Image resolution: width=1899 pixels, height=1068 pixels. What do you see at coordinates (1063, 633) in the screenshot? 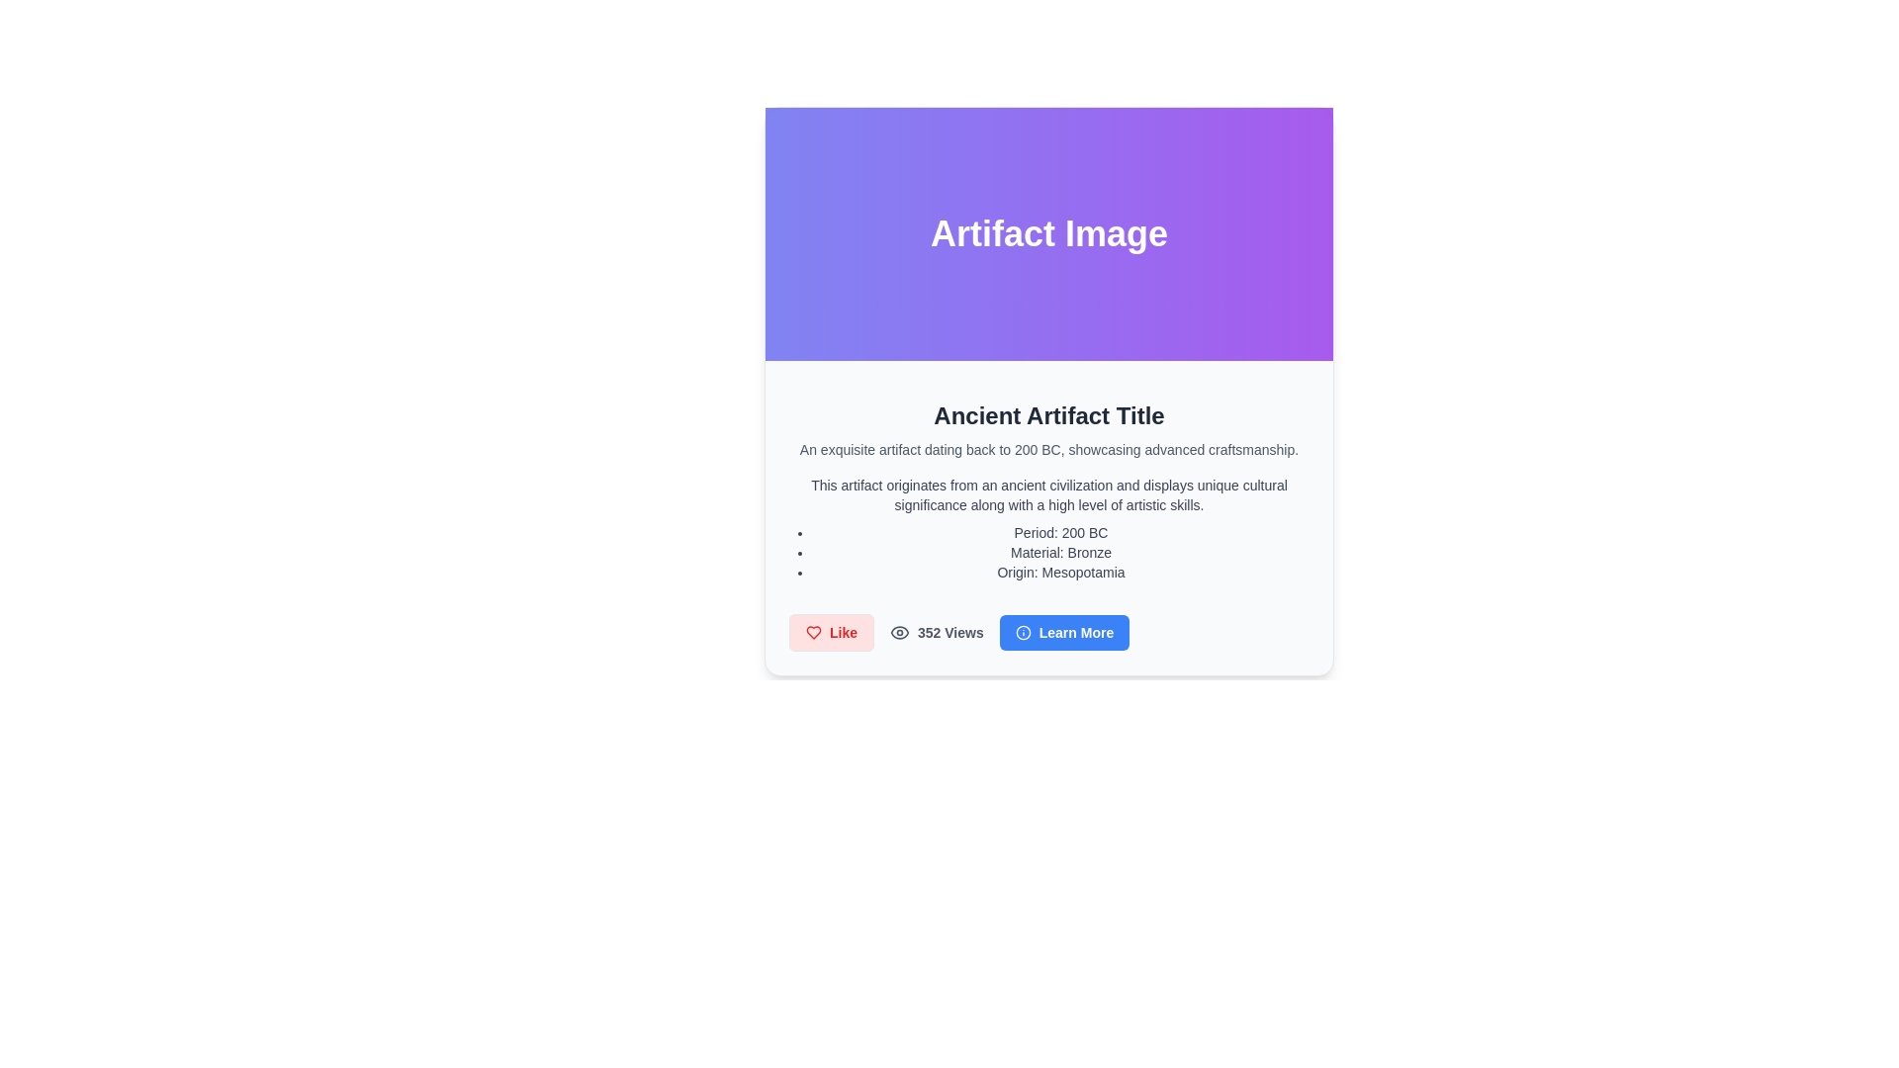
I see `the 'Learn More' button` at bounding box center [1063, 633].